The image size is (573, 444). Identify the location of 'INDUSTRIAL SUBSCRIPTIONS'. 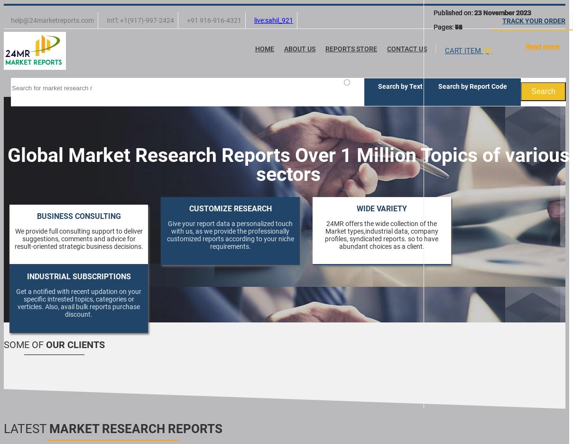
(78, 276).